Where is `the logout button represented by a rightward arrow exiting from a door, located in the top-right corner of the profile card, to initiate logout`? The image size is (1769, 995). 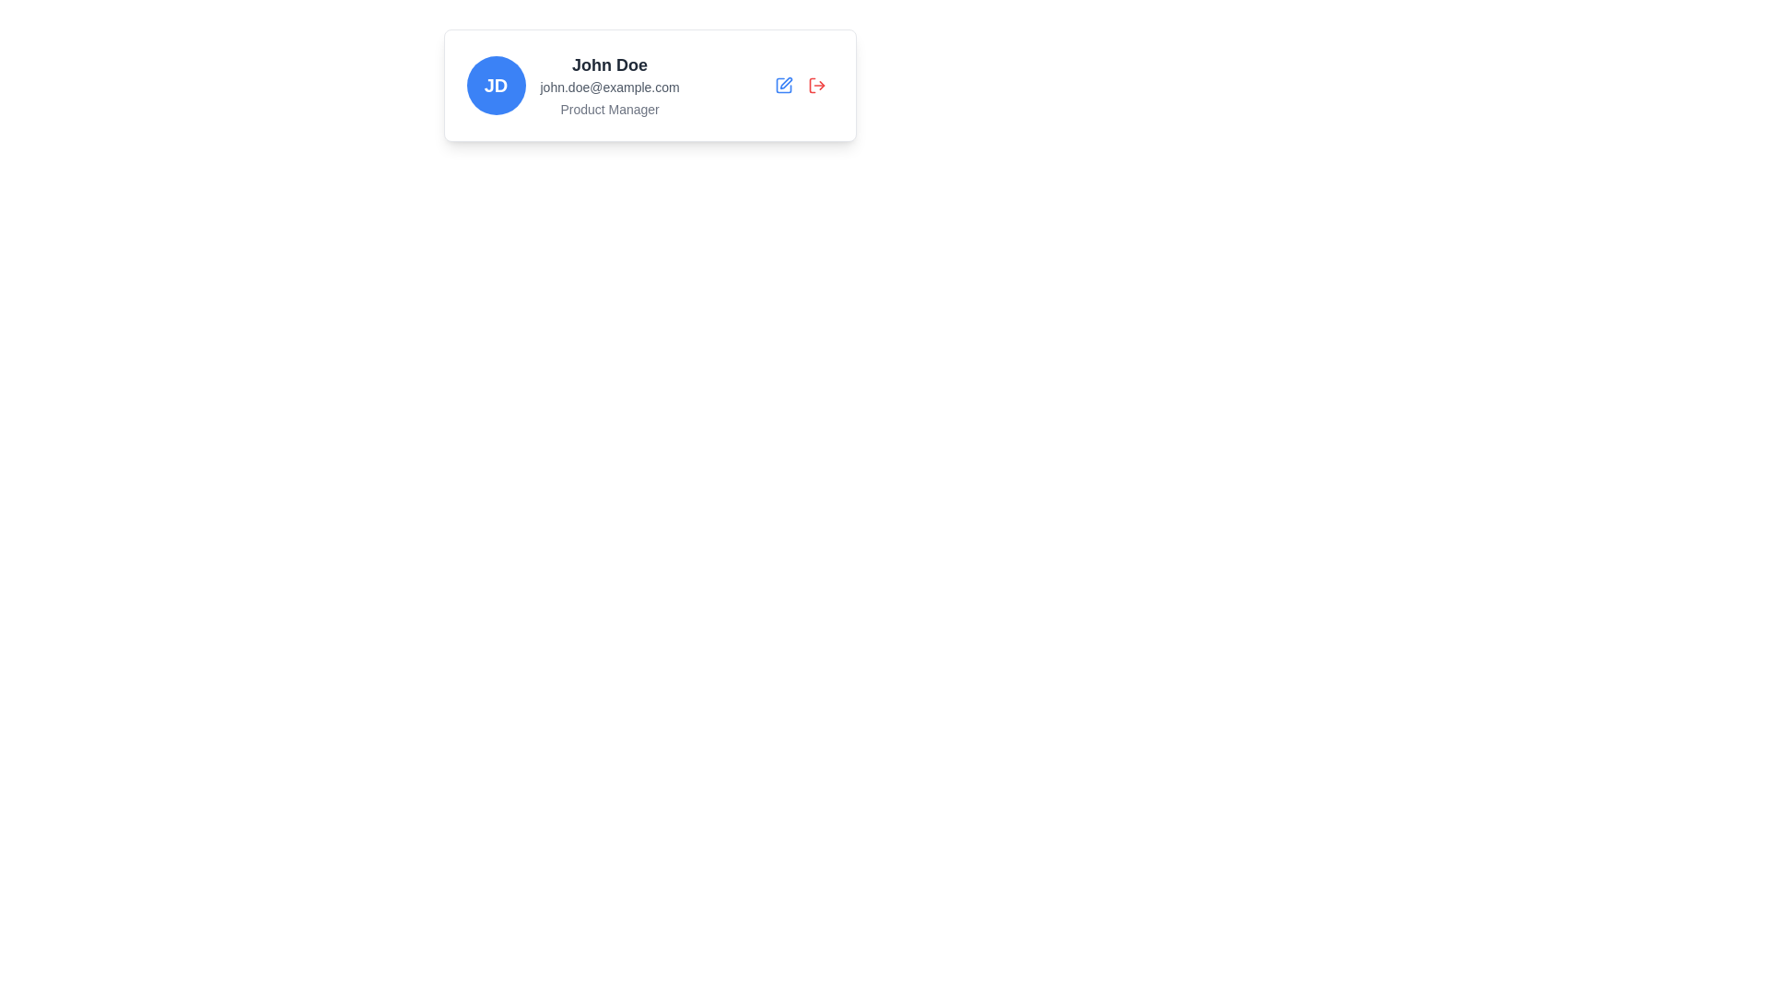
the logout button represented by a rightward arrow exiting from a door, located in the top-right corner of the profile card, to initiate logout is located at coordinates (815, 85).